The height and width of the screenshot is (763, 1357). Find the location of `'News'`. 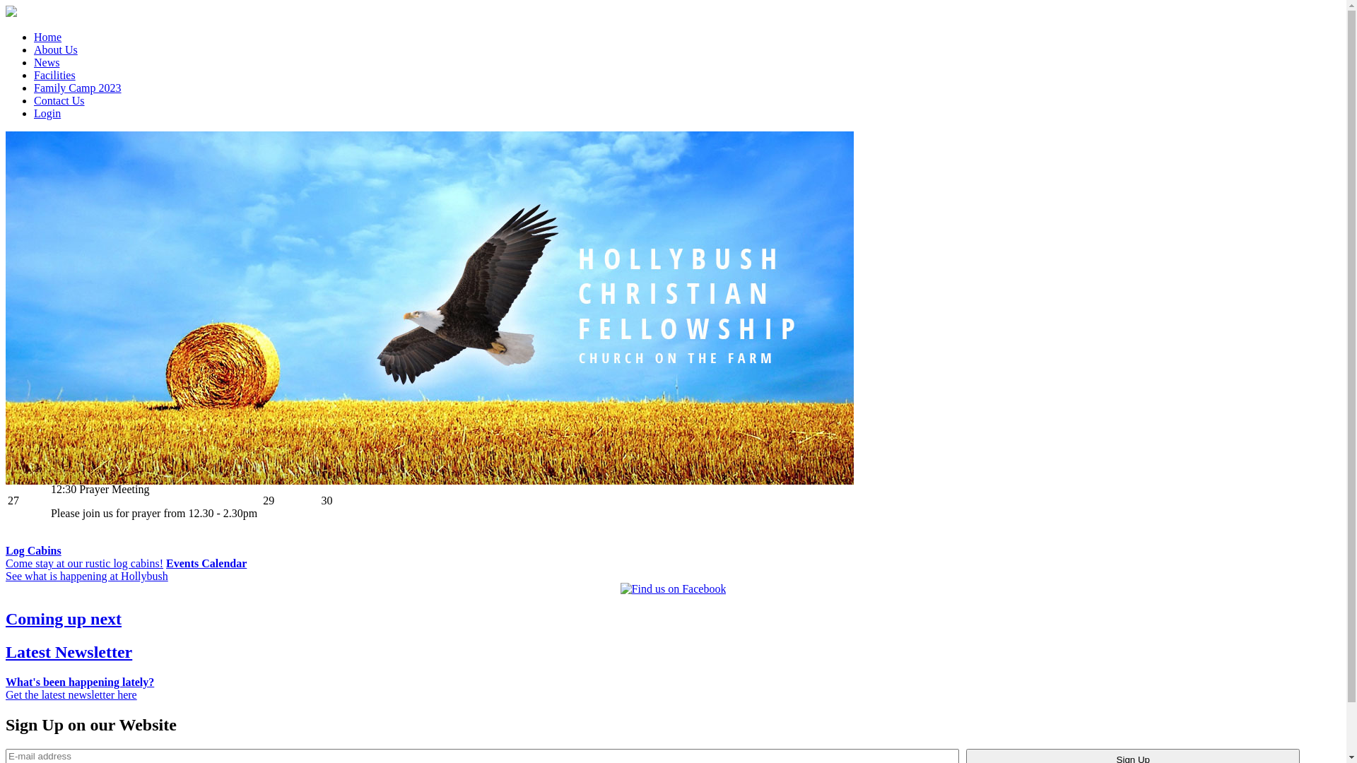

'News' is located at coordinates (47, 61).